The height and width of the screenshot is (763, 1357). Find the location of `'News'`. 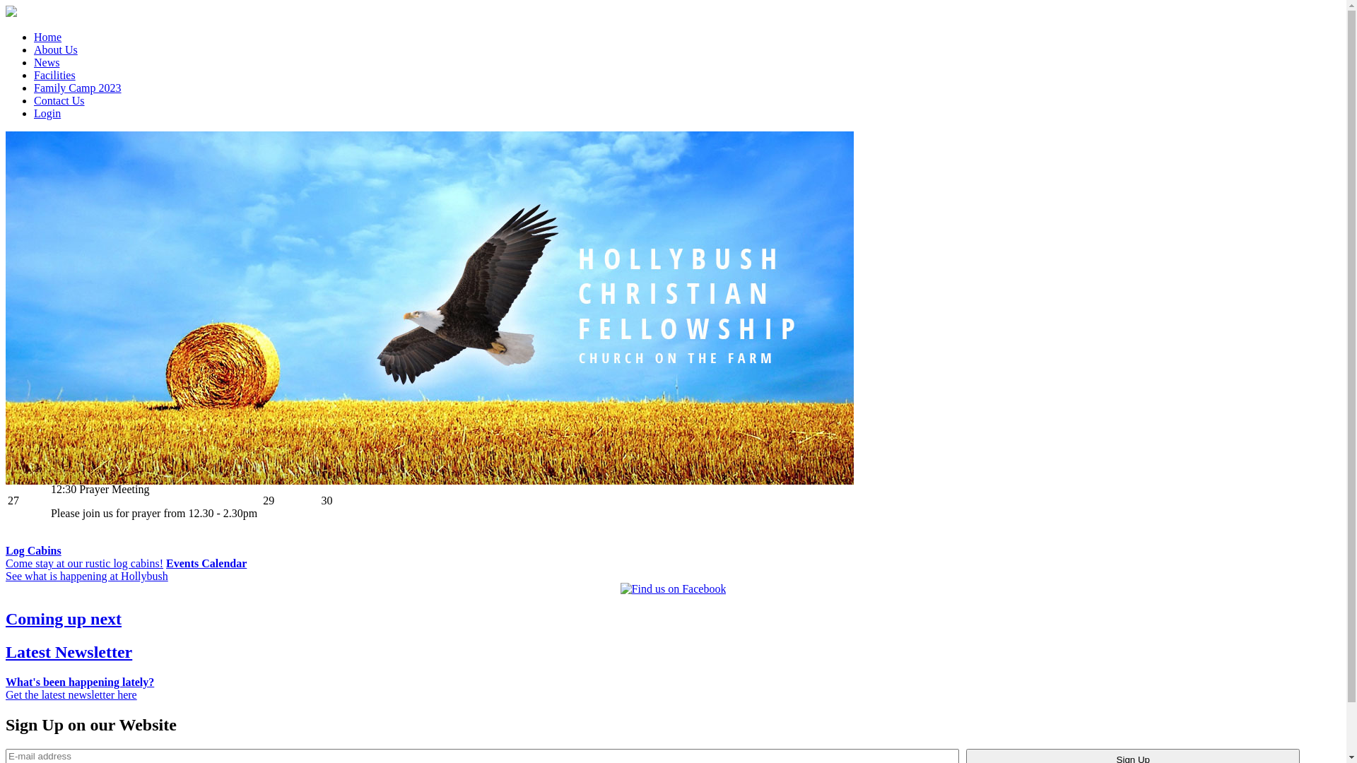

'News' is located at coordinates (47, 61).